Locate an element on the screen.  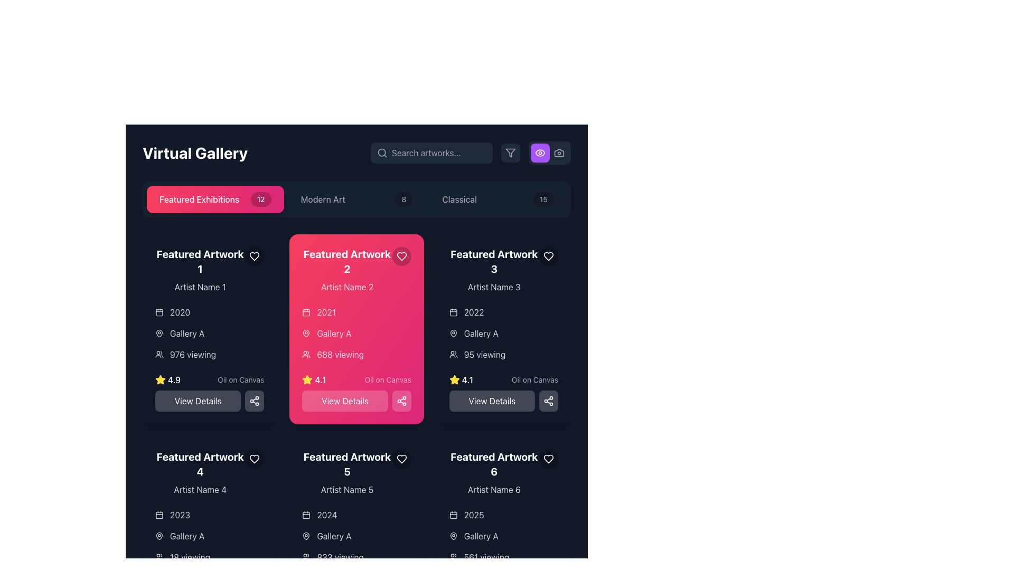
the calendar icon located to the left of the text '2025' in the sixth column of the grid layout under 'Featured Artwork 6' is located at coordinates (453, 514).